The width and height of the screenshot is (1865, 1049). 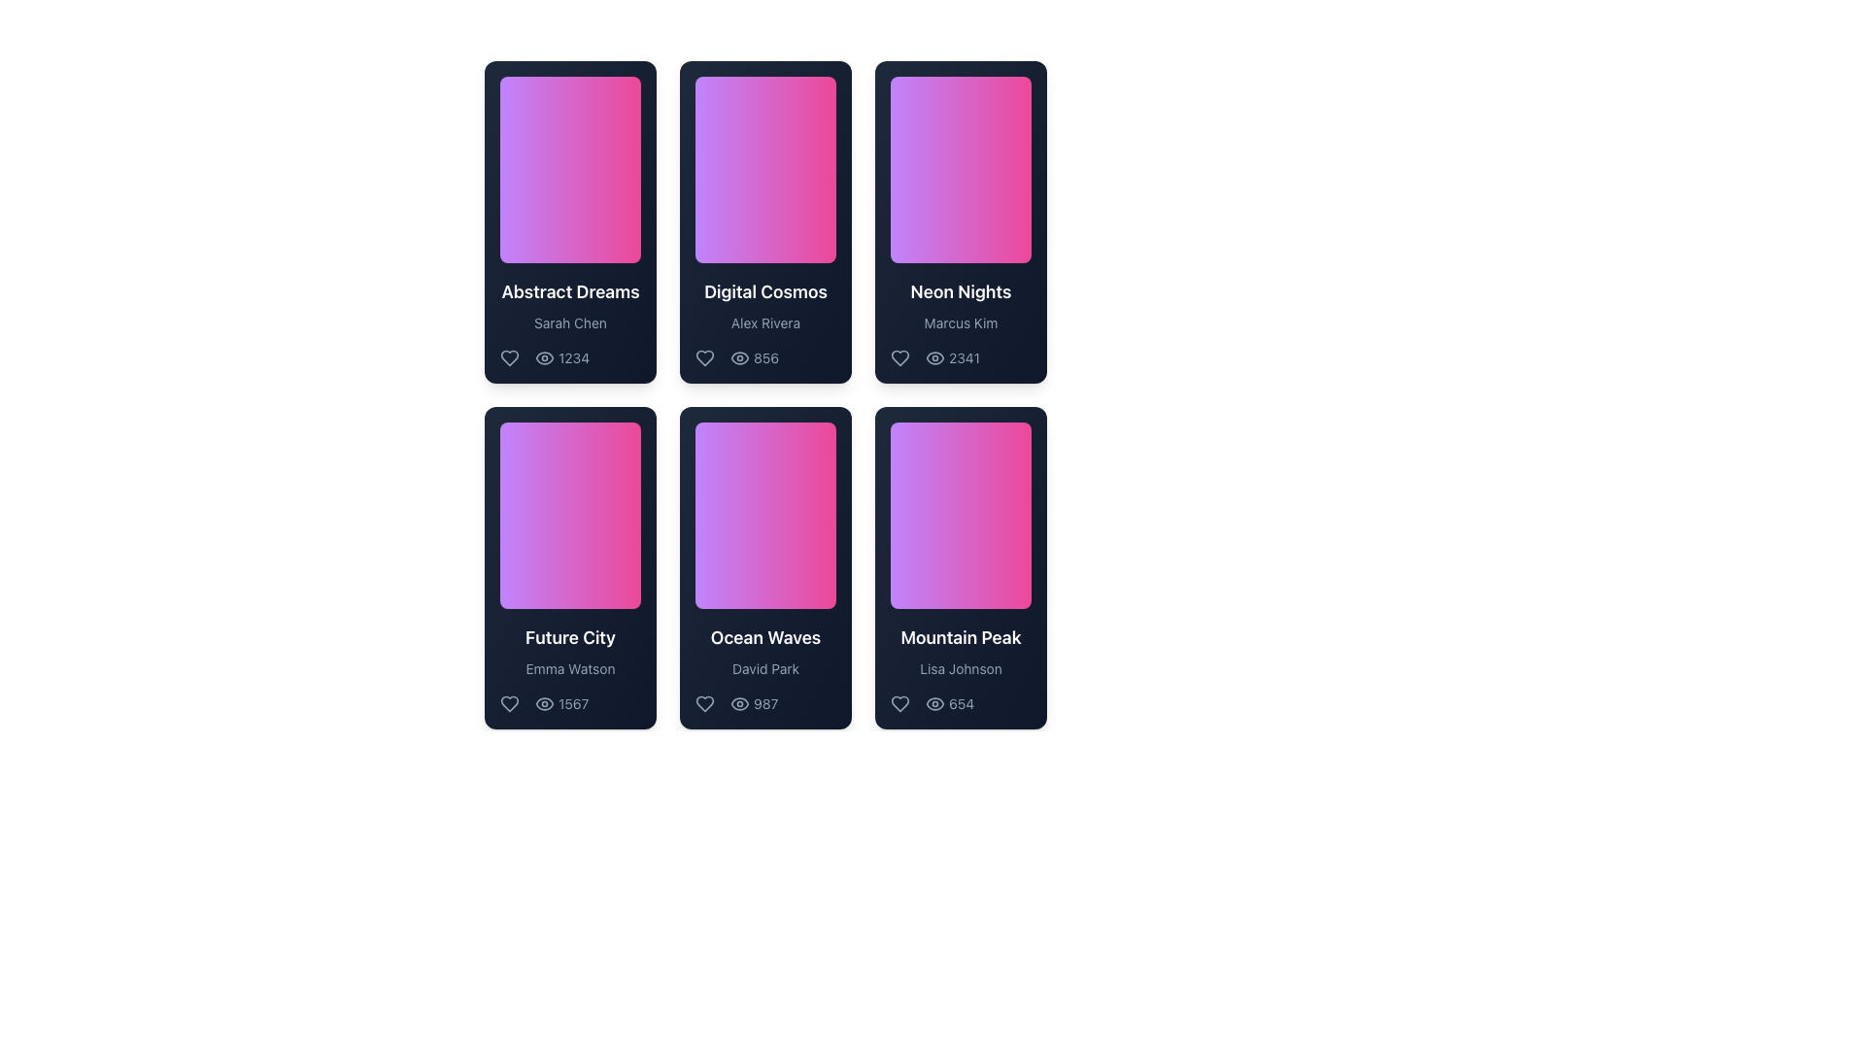 I want to click on the Text Label displaying 'Abstract Dreams', so click(x=569, y=291).